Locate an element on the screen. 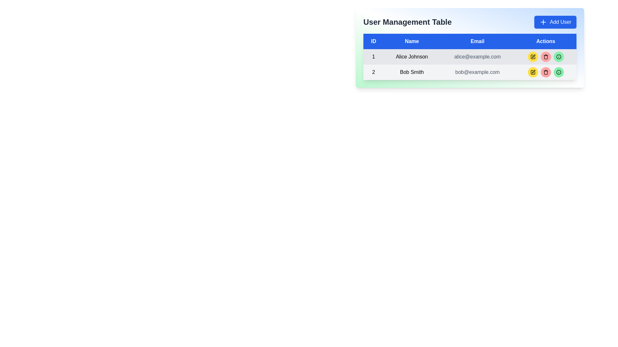 The image size is (618, 347). the numerical indicator displaying the number '2' in black text, which is located in the second row under the 'ID' column of the table is located at coordinates (373, 72).